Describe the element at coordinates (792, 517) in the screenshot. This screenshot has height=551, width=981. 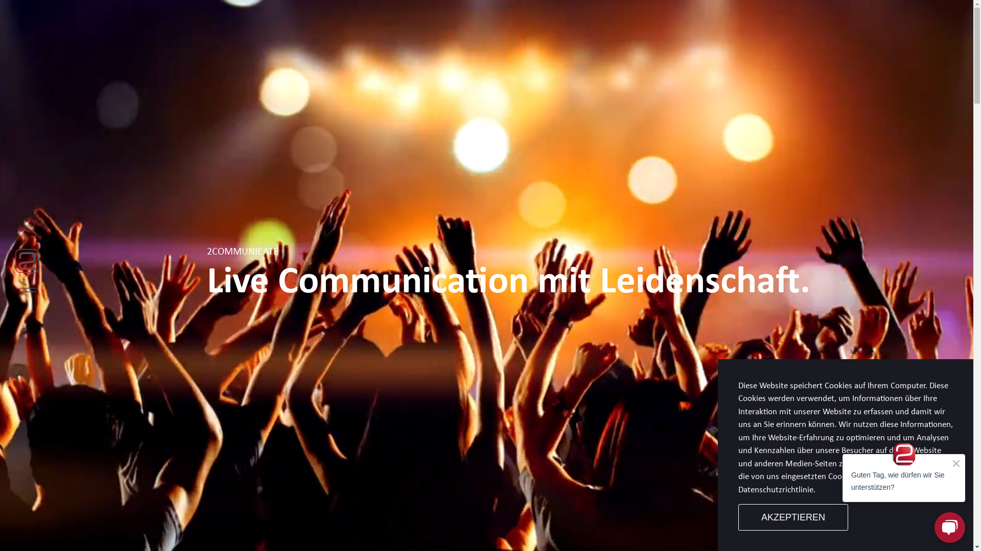
I see `'AKZEPTIEREN'` at that location.